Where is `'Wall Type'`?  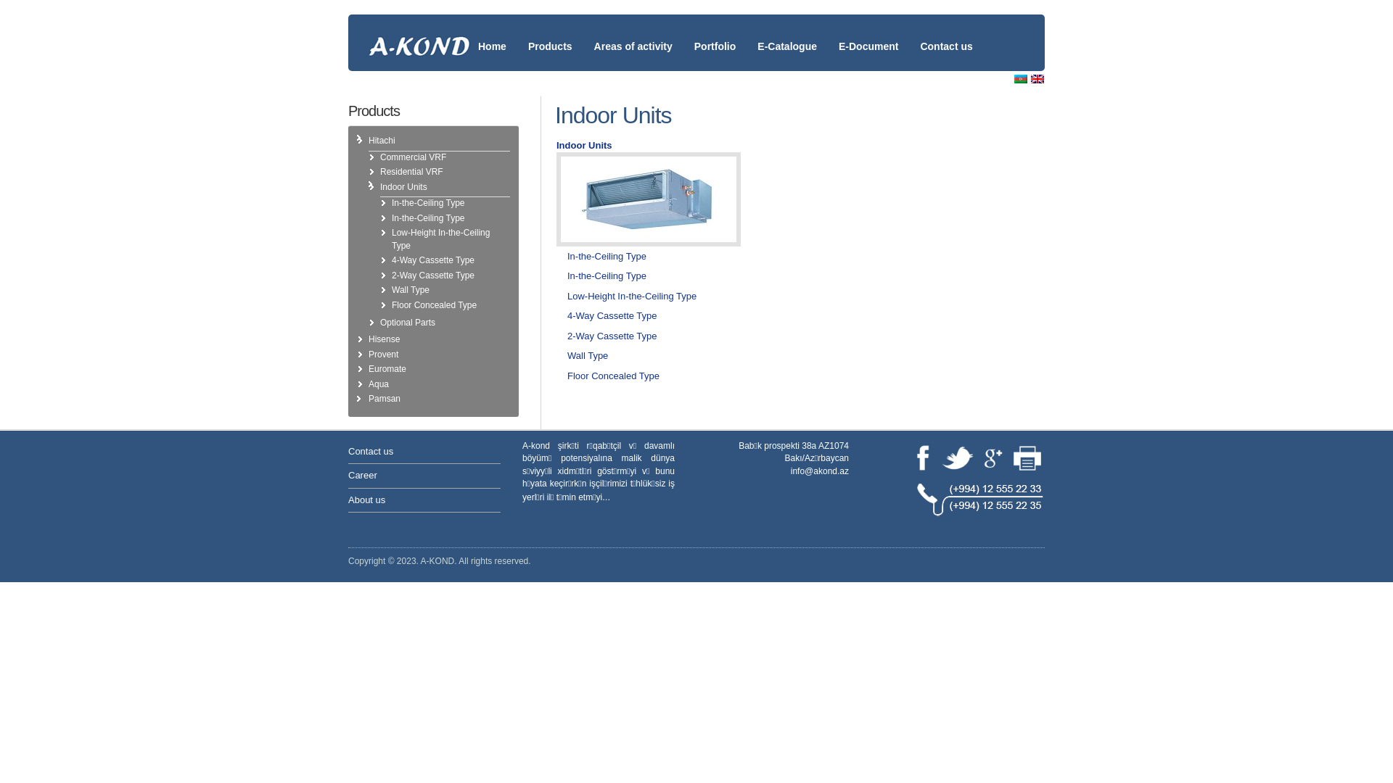 'Wall Type' is located at coordinates (410, 290).